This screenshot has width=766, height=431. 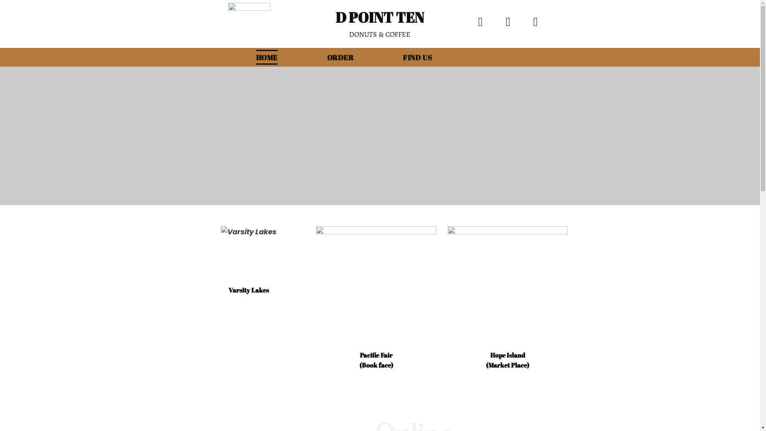 I want to click on 'FIND US', so click(x=393, y=57).